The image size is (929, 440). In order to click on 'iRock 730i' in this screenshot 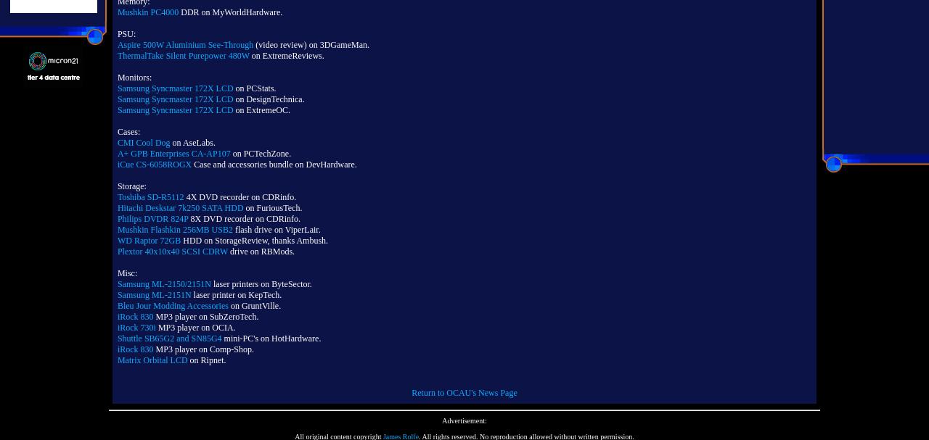, I will do `click(136, 326)`.